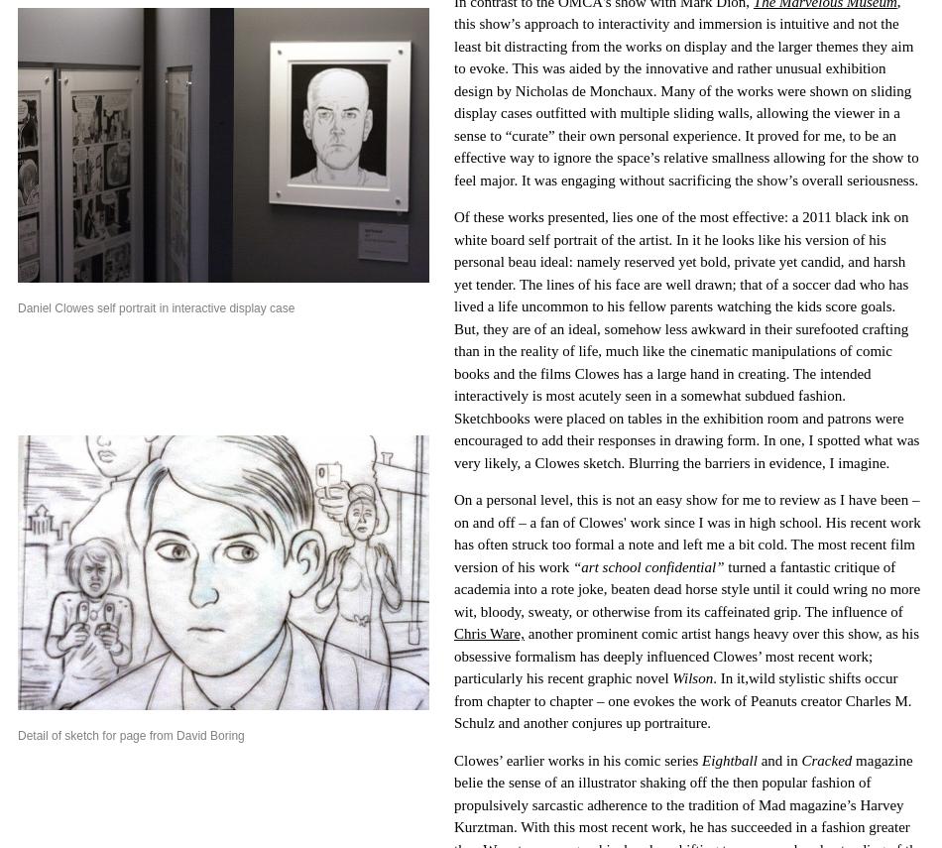 This screenshot has width=942, height=848. What do you see at coordinates (682, 699) in the screenshot?
I see `'. In it,wild stylistic shifts occur from chapter to chapter – one evokes the work of Peanuts creator Charles M. Schulz and another conjures up portraiture.'` at bounding box center [682, 699].